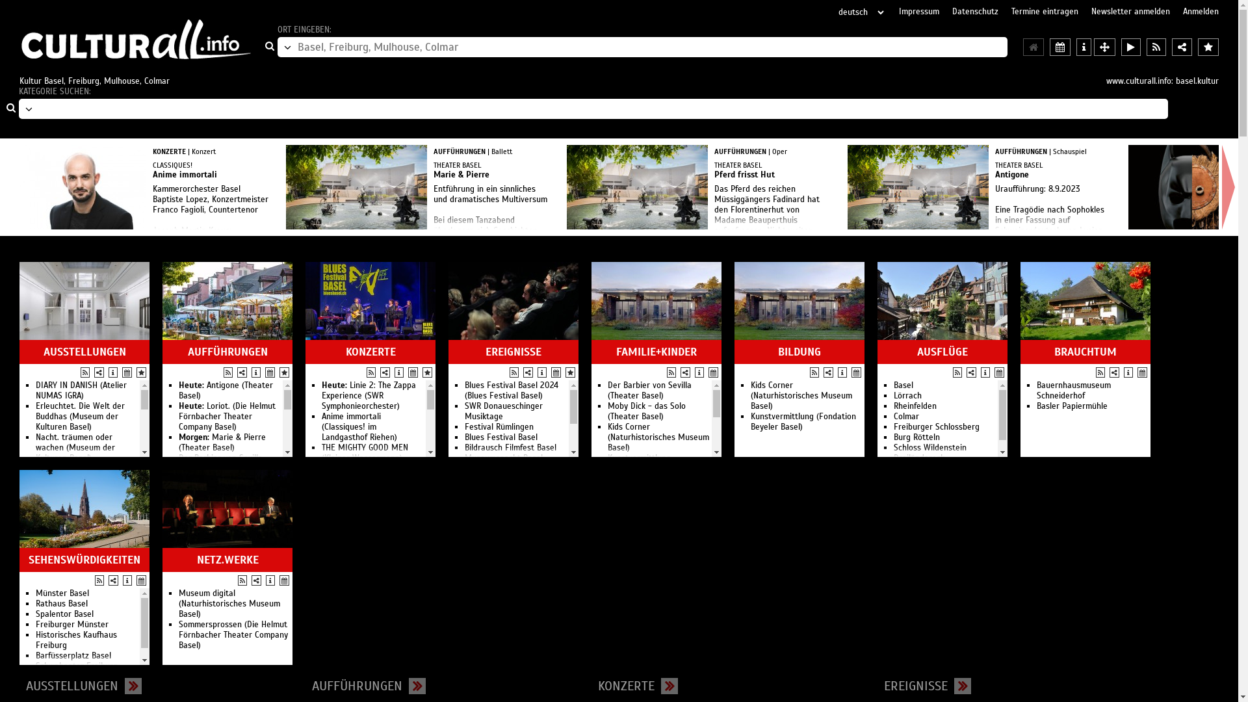 The width and height of the screenshot is (1248, 702). Describe the element at coordinates (1162, 81) in the screenshot. I see `'www.culturall.info: basel.kultur'` at that location.